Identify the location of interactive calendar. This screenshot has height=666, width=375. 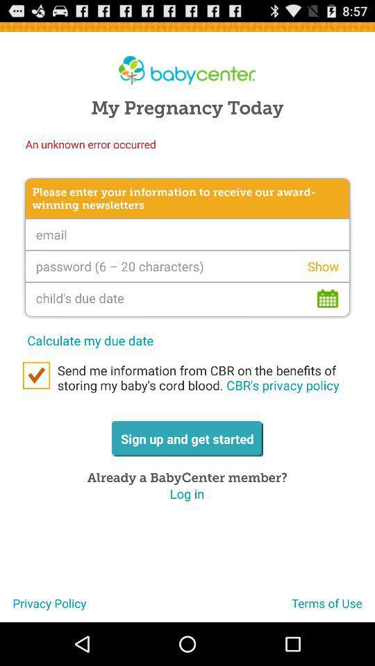
(187, 299).